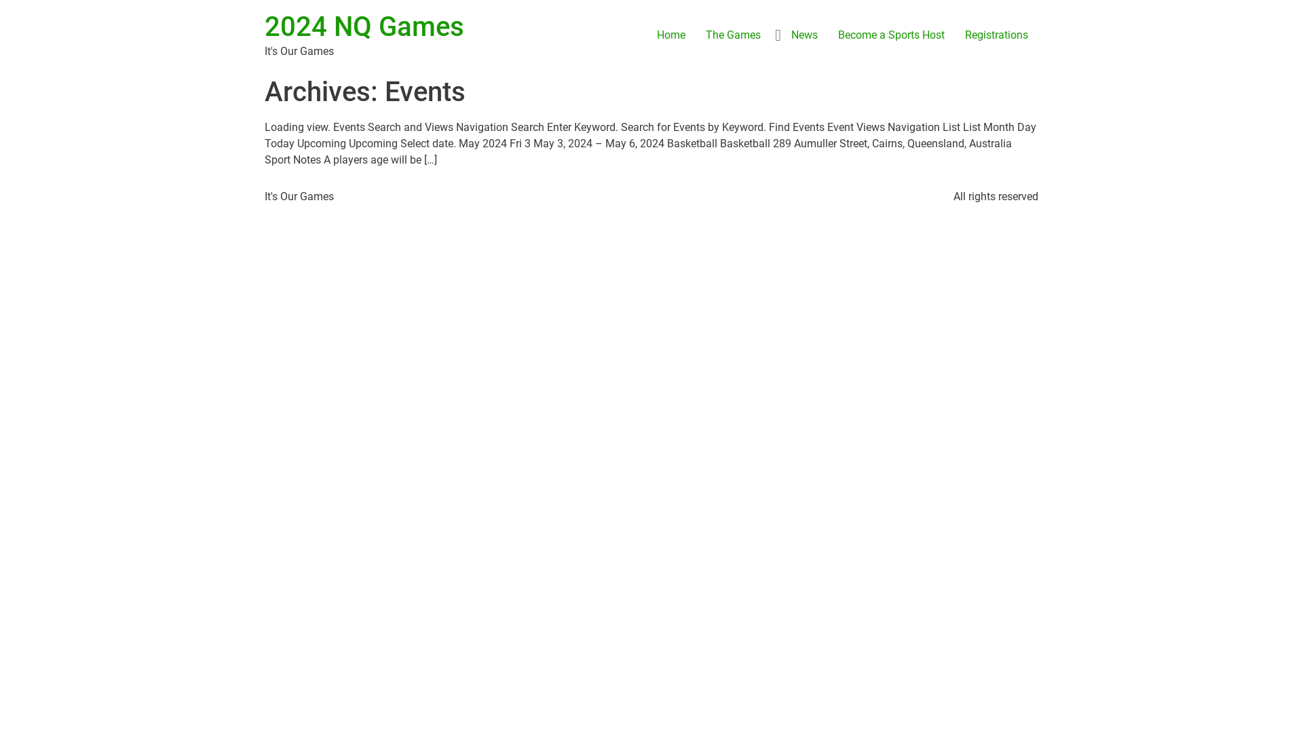  I want to click on 'Become a Sports Host', so click(891, 34).